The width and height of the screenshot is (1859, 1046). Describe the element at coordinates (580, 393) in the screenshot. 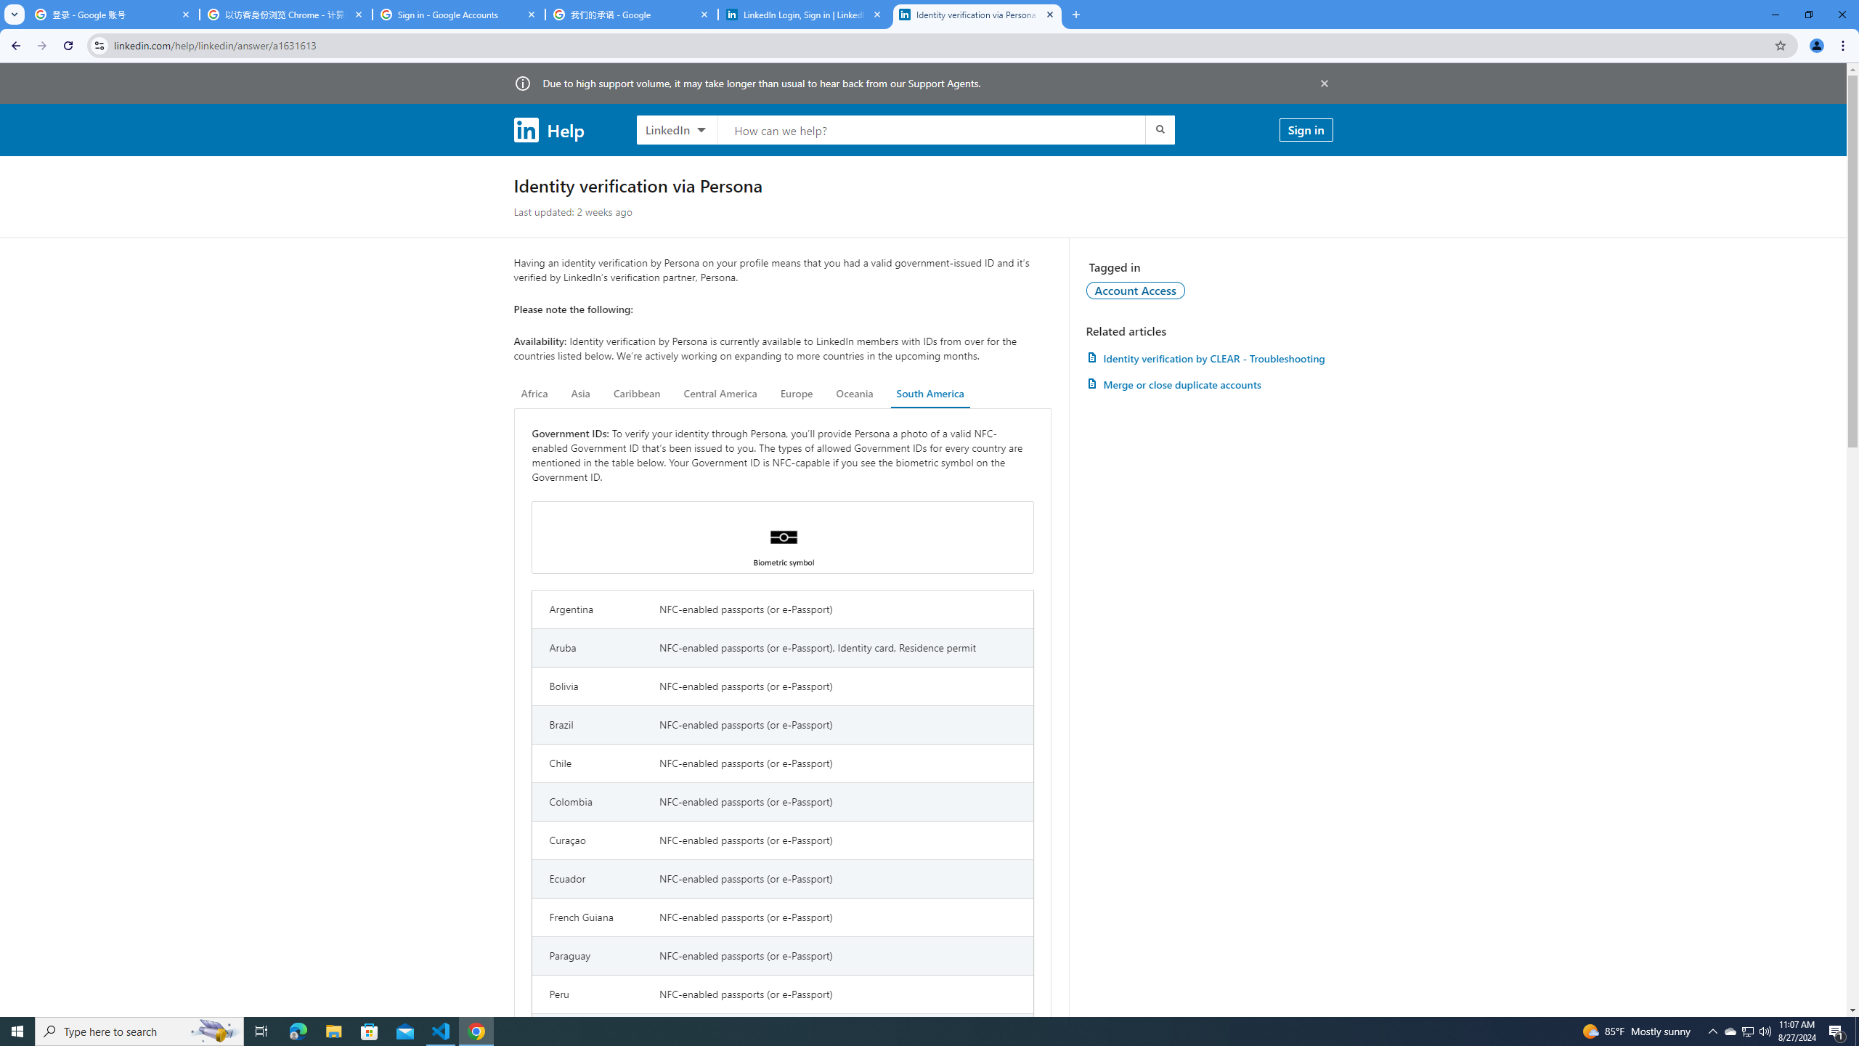

I see `'Asia'` at that location.